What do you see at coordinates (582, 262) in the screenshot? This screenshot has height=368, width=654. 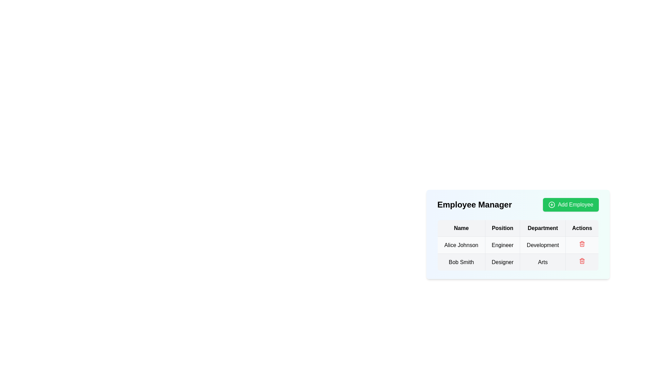 I see `the delete button for employee Bob Smith located in the last column of the second row under the 'Actions' column of the table` at bounding box center [582, 262].